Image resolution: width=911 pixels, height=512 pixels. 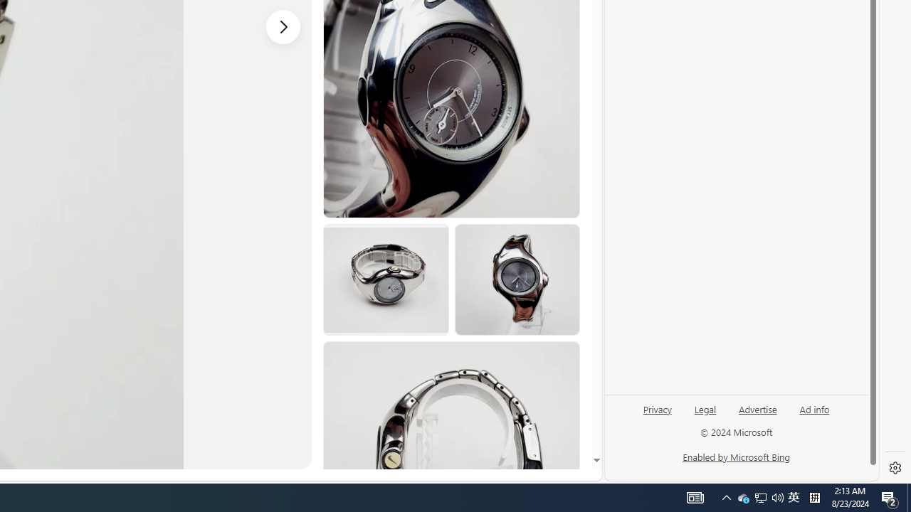 What do you see at coordinates (656, 415) in the screenshot?
I see `'Privacy'` at bounding box center [656, 415].